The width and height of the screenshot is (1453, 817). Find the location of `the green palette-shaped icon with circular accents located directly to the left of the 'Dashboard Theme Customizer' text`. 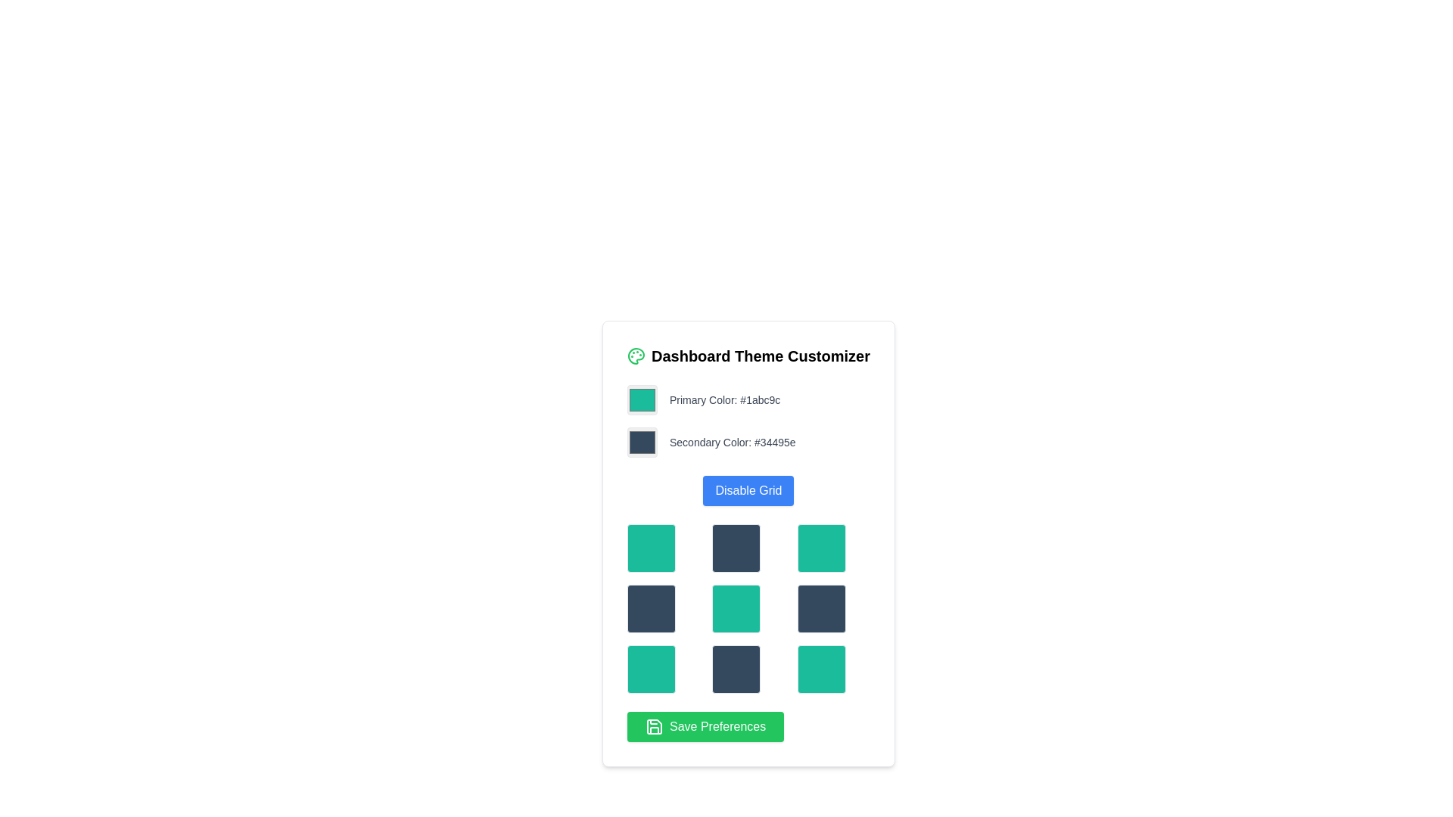

the green palette-shaped icon with circular accents located directly to the left of the 'Dashboard Theme Customizer' text is located at coordinates (636, 356).